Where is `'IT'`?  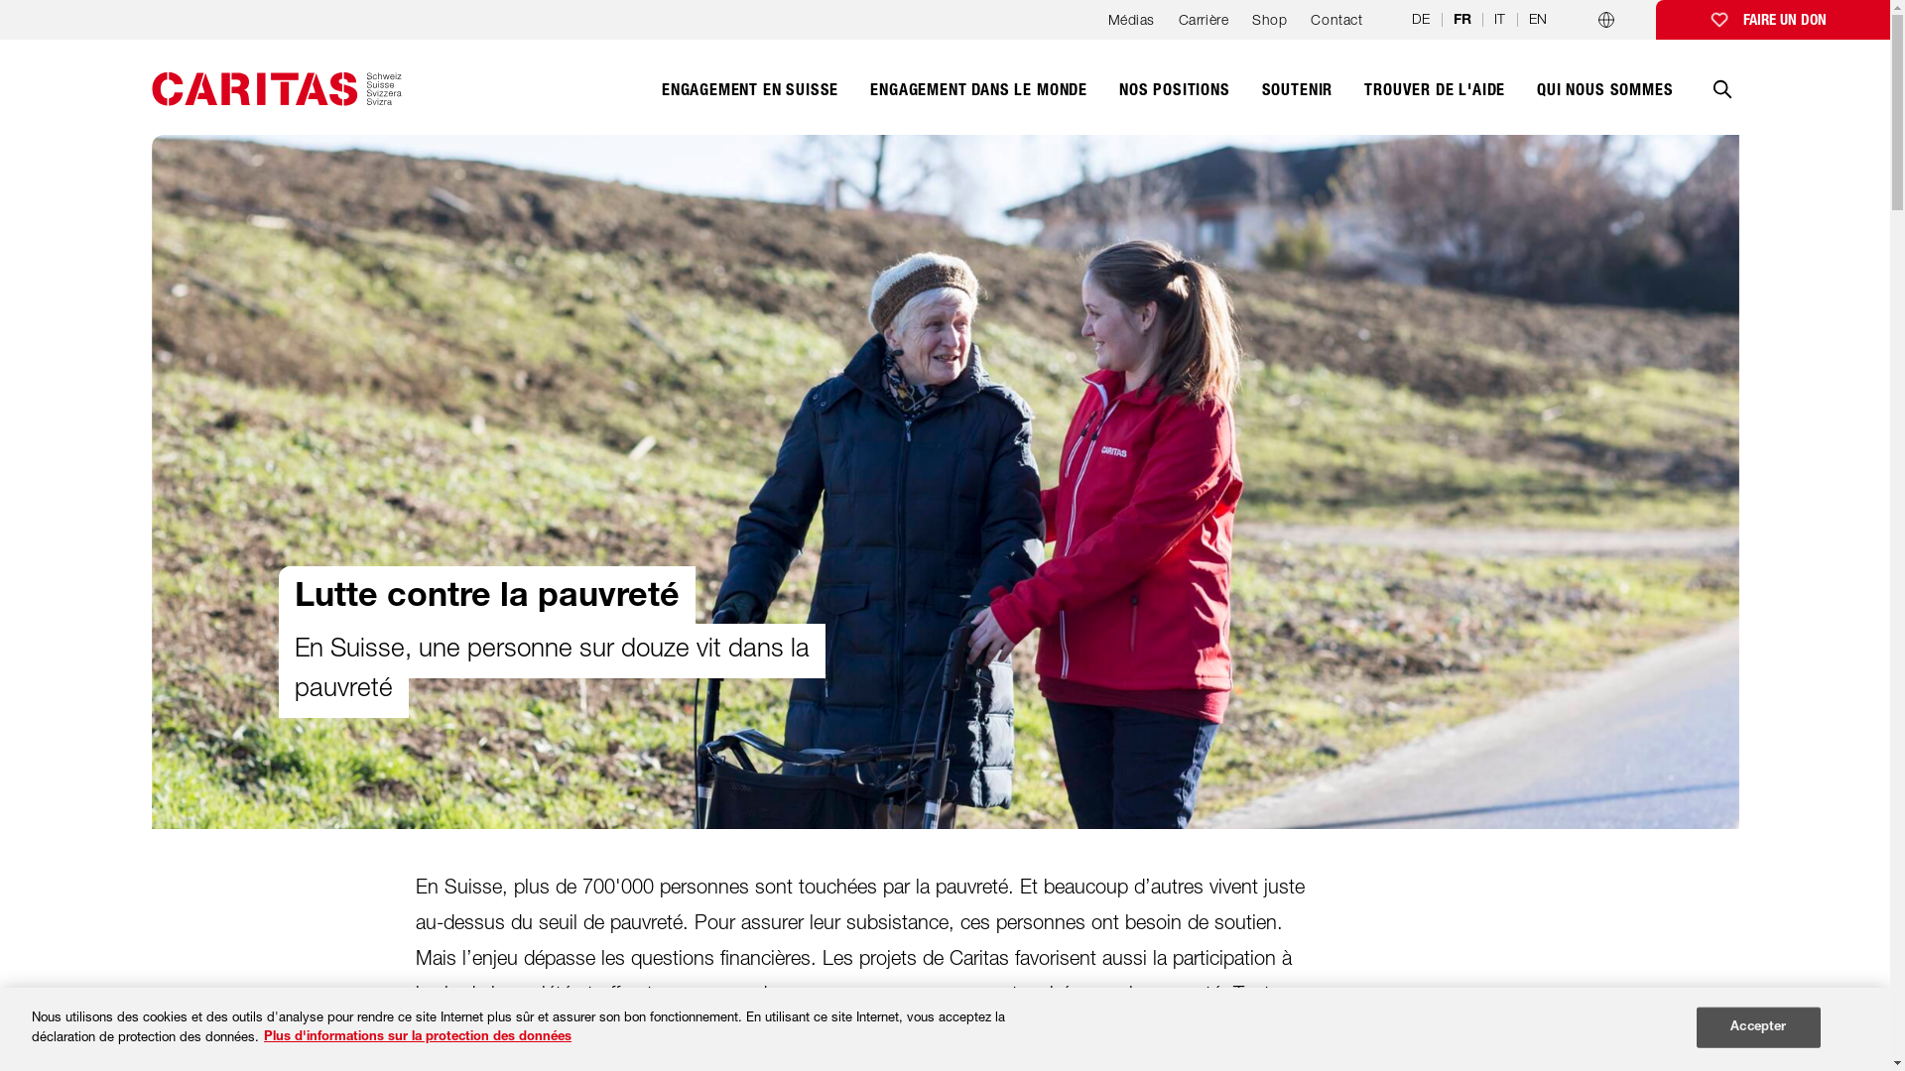
'IT' is located at coordinates (1499, 19).